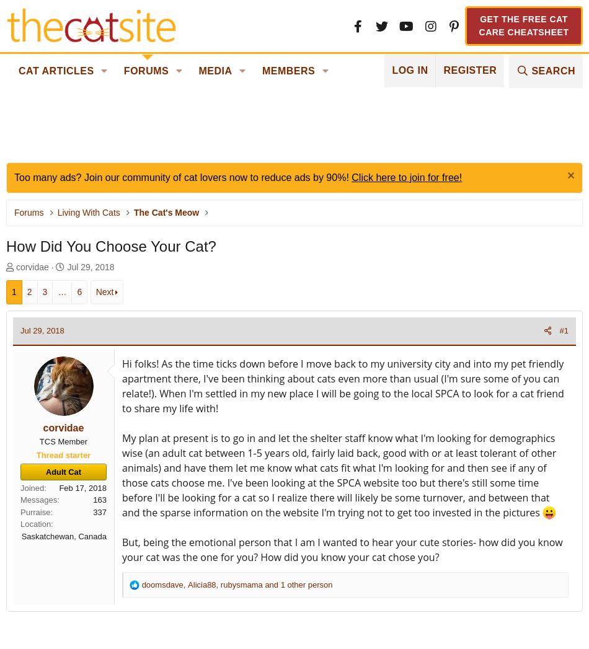  I want to click on 'Location', so click(35, 524).